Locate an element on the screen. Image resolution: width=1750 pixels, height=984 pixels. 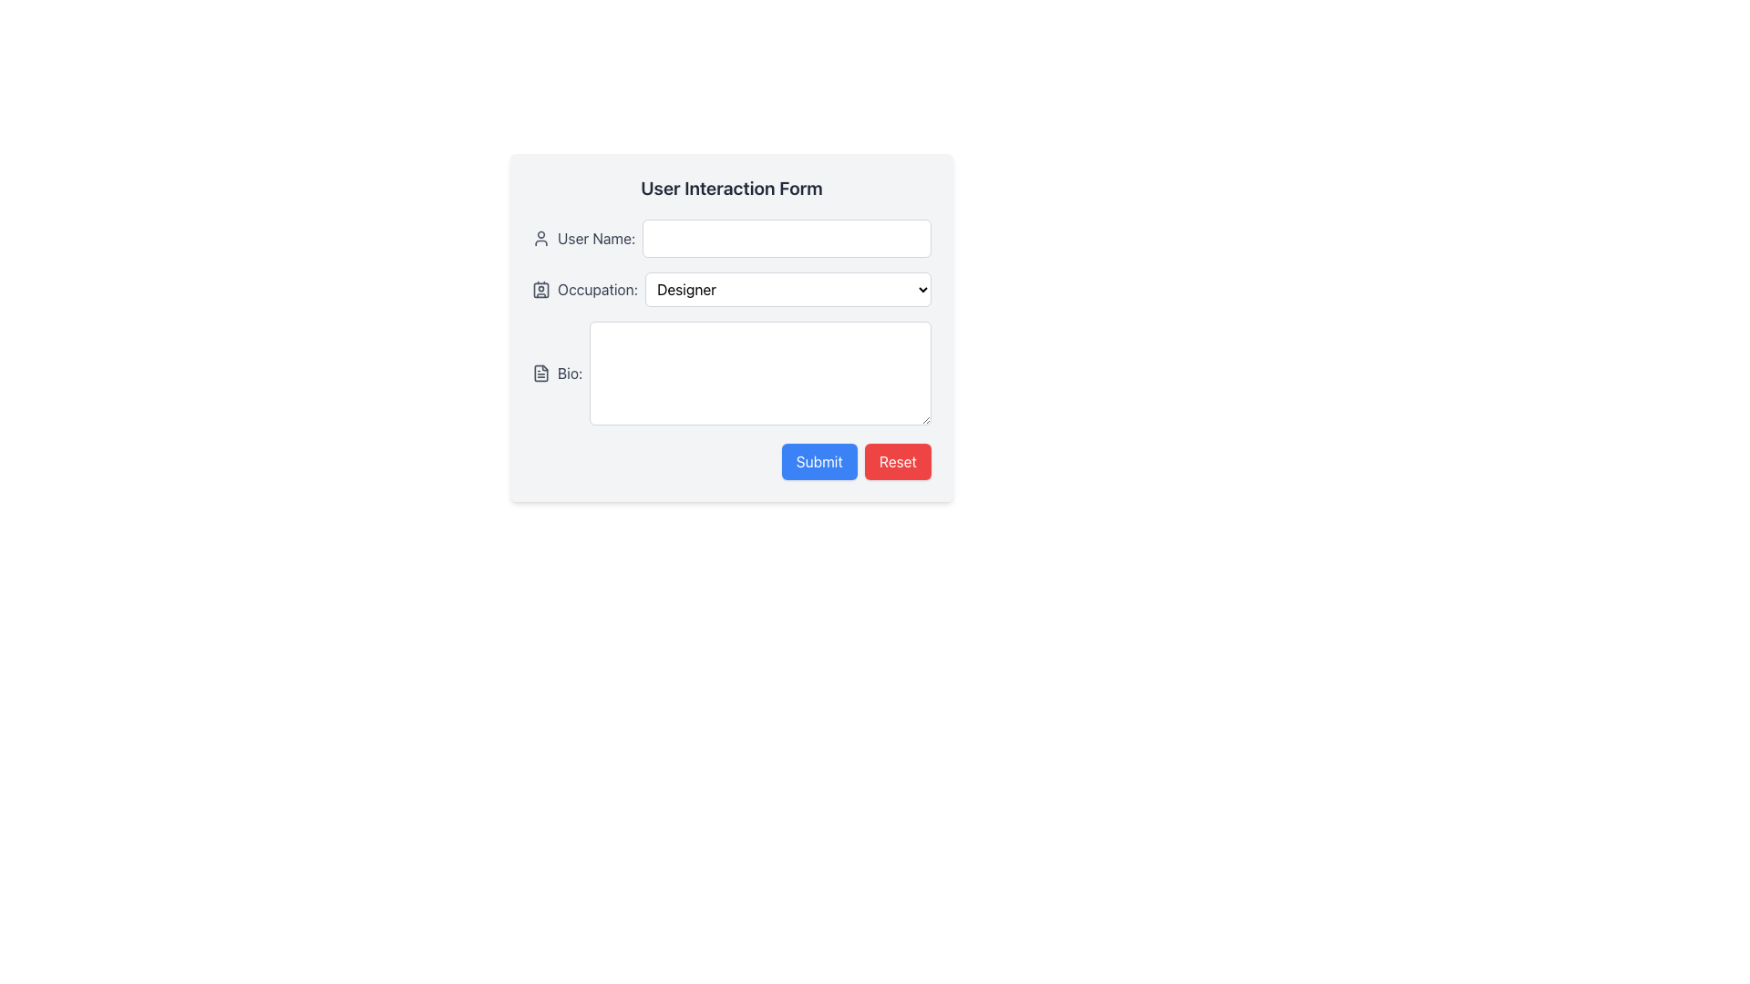
the document icon represented by a gray rectangular outline with a folded corner, located to the left of the 'Bio:' label is located at coordinates (540, 372).